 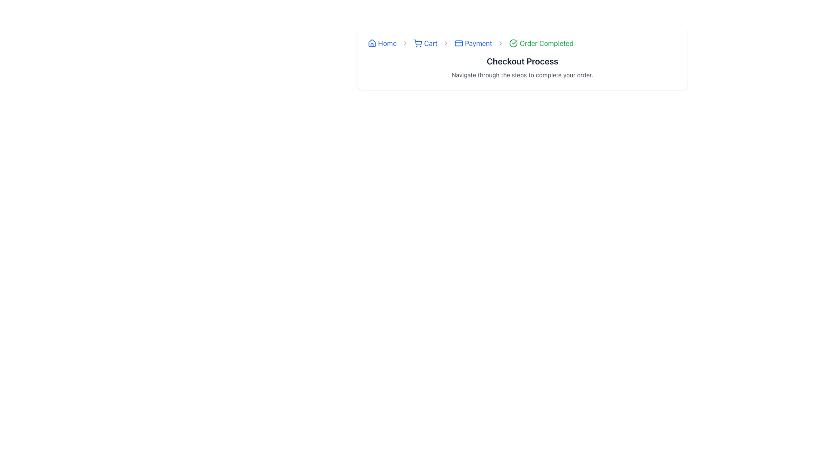 What do you see at coordinates (372, 43) in the screenshot?
I see `the 'Home' icon in the breadcrumb navigation located in the upper left part of the interface` at bounding box center [372, 43].